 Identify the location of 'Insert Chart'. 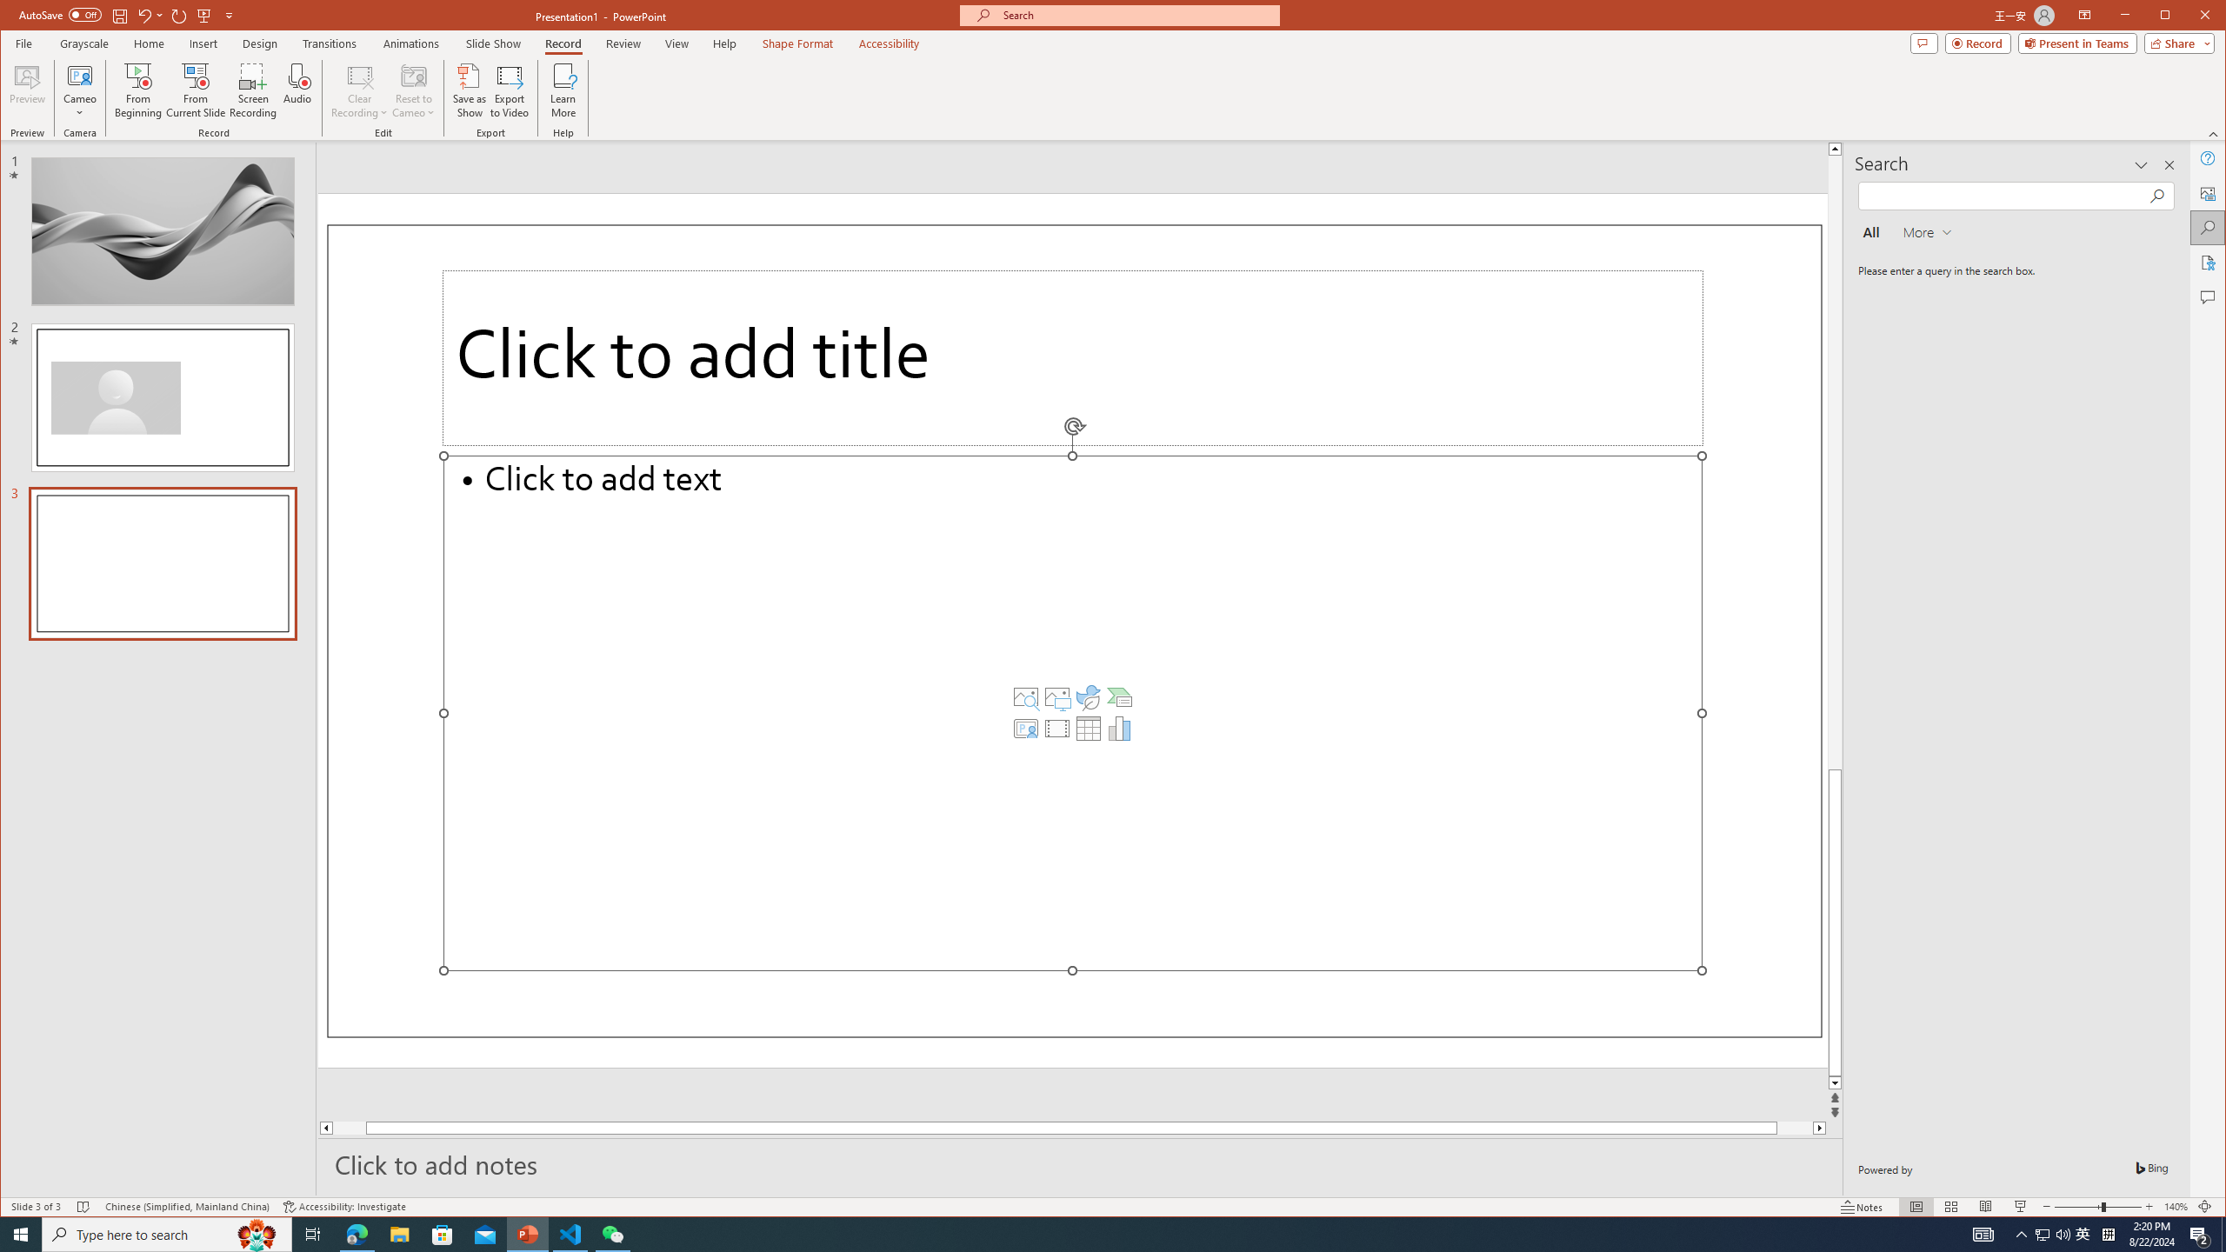
(1119, 729).